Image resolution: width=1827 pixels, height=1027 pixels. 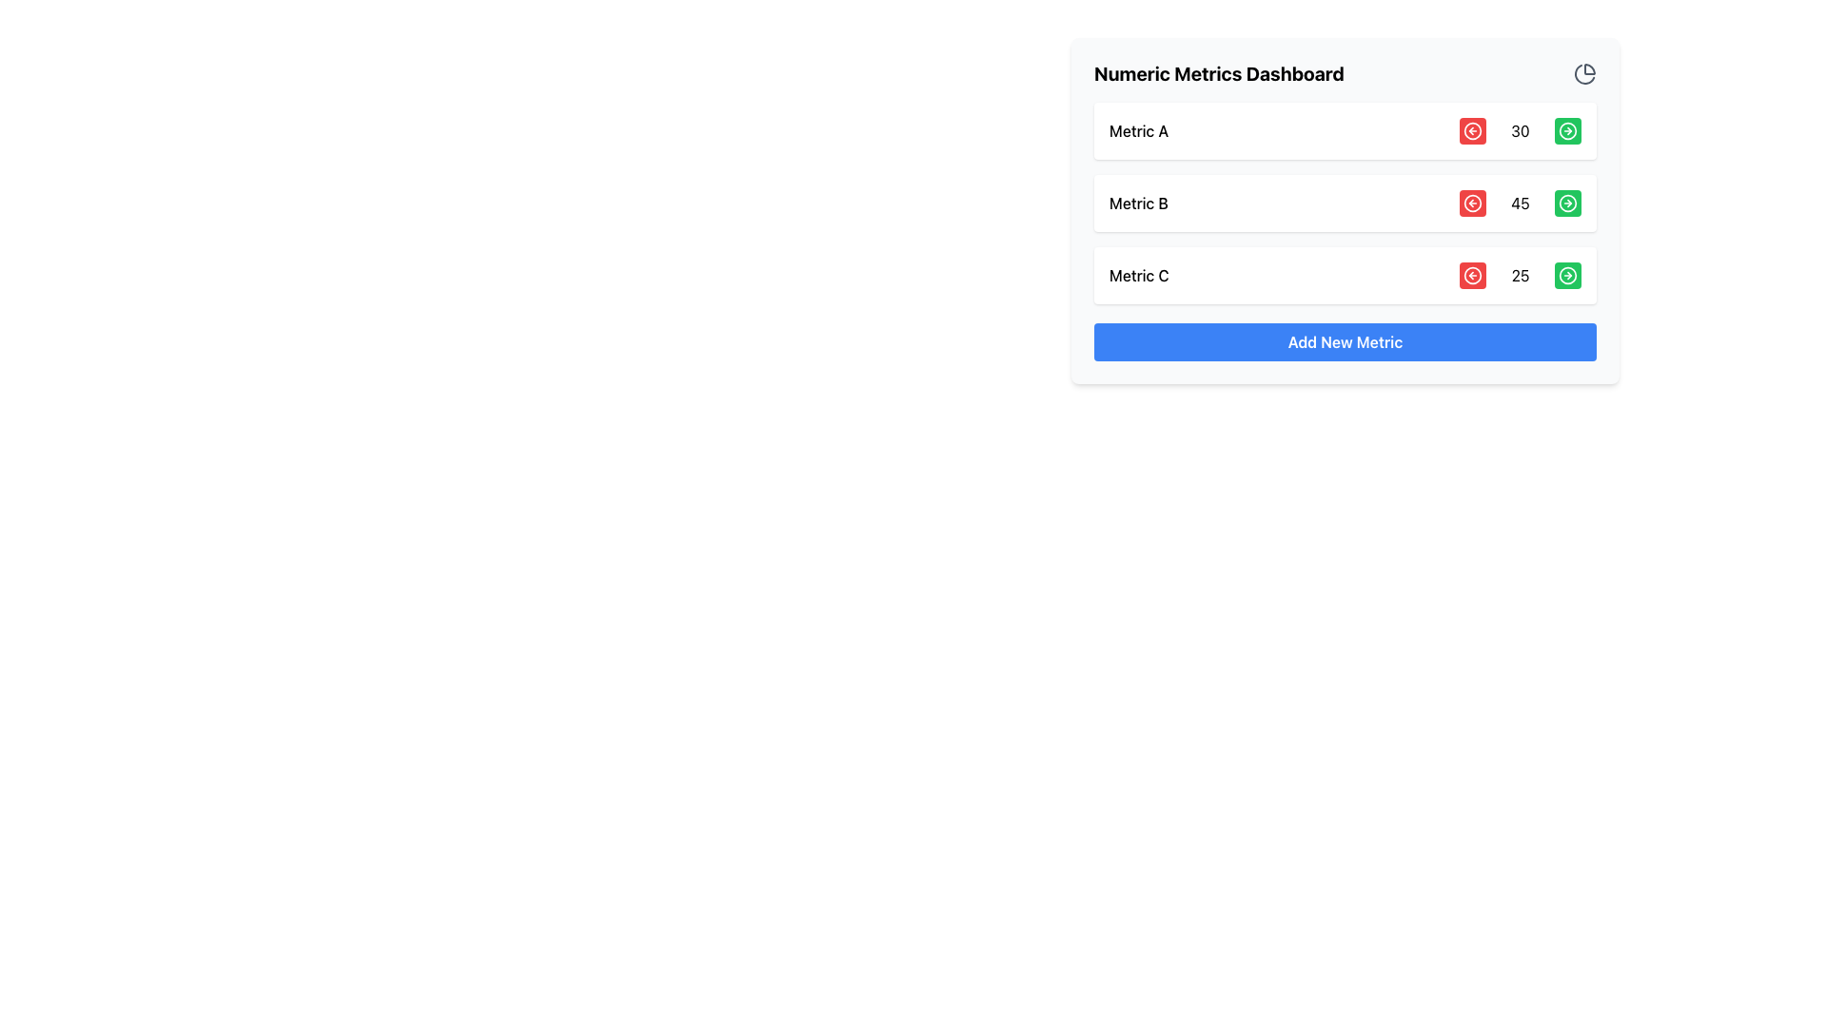 What do you see at coordinates (1567, 203) in the screenshot?
I see `the green button with a white arrow icon located beside the number '45'` at bounding box center [1567, 203].